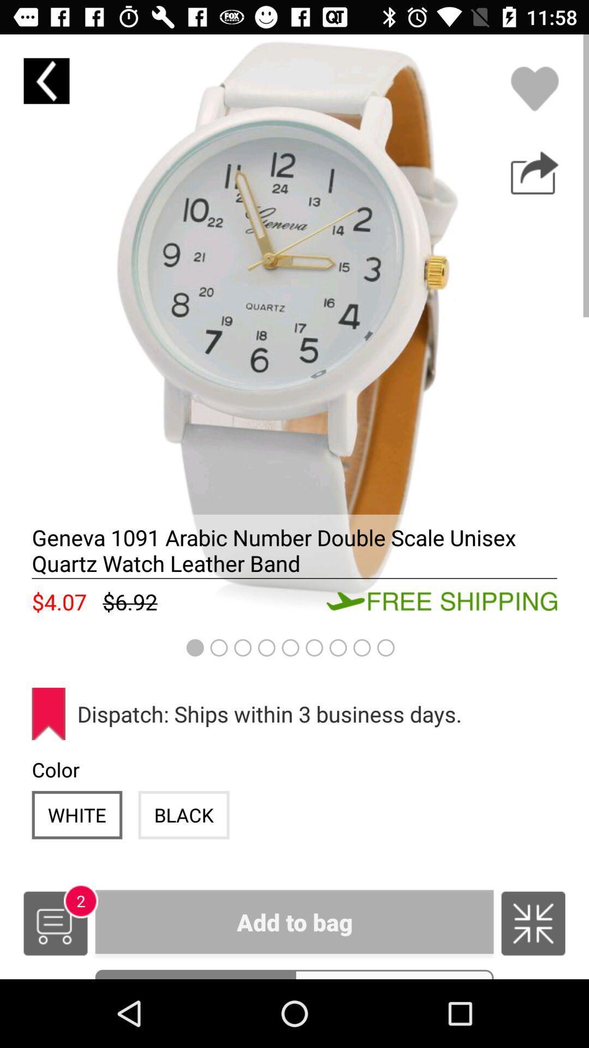 The width and height of the screenshot is (589, 1048). I want to click on item selected, so click(294, 329).